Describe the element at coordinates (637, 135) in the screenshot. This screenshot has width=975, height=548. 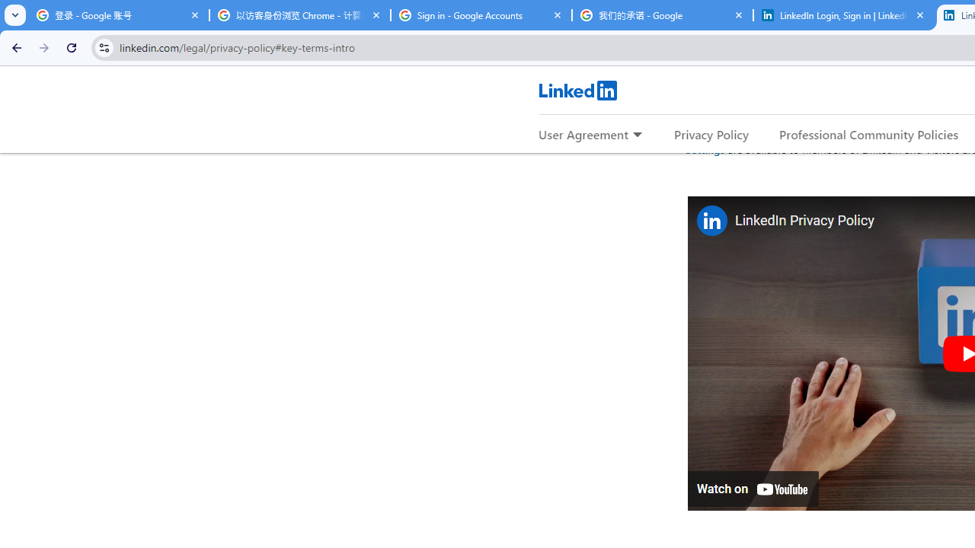
I see `'Expand to show more links for User Agreement'` at that location.